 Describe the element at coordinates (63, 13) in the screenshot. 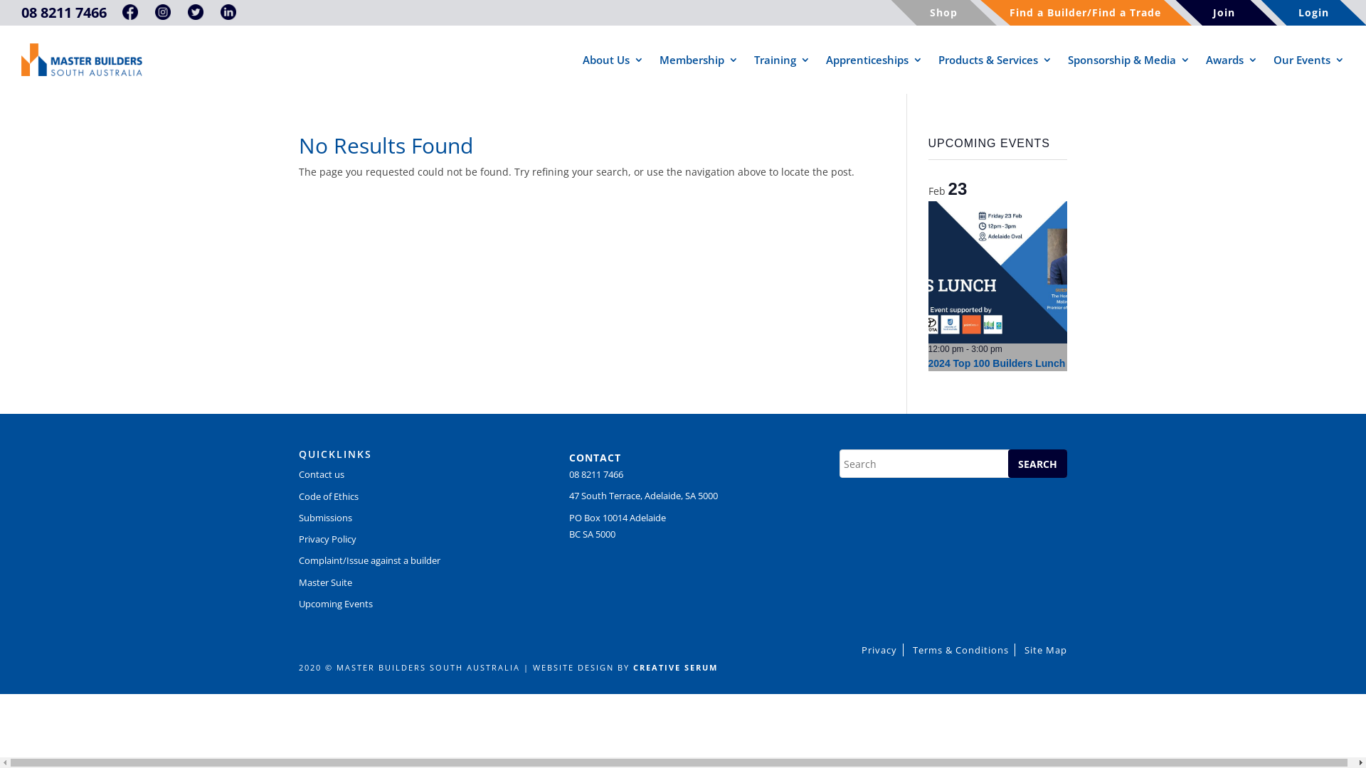

I see `'08 8211 7466'` at that location.